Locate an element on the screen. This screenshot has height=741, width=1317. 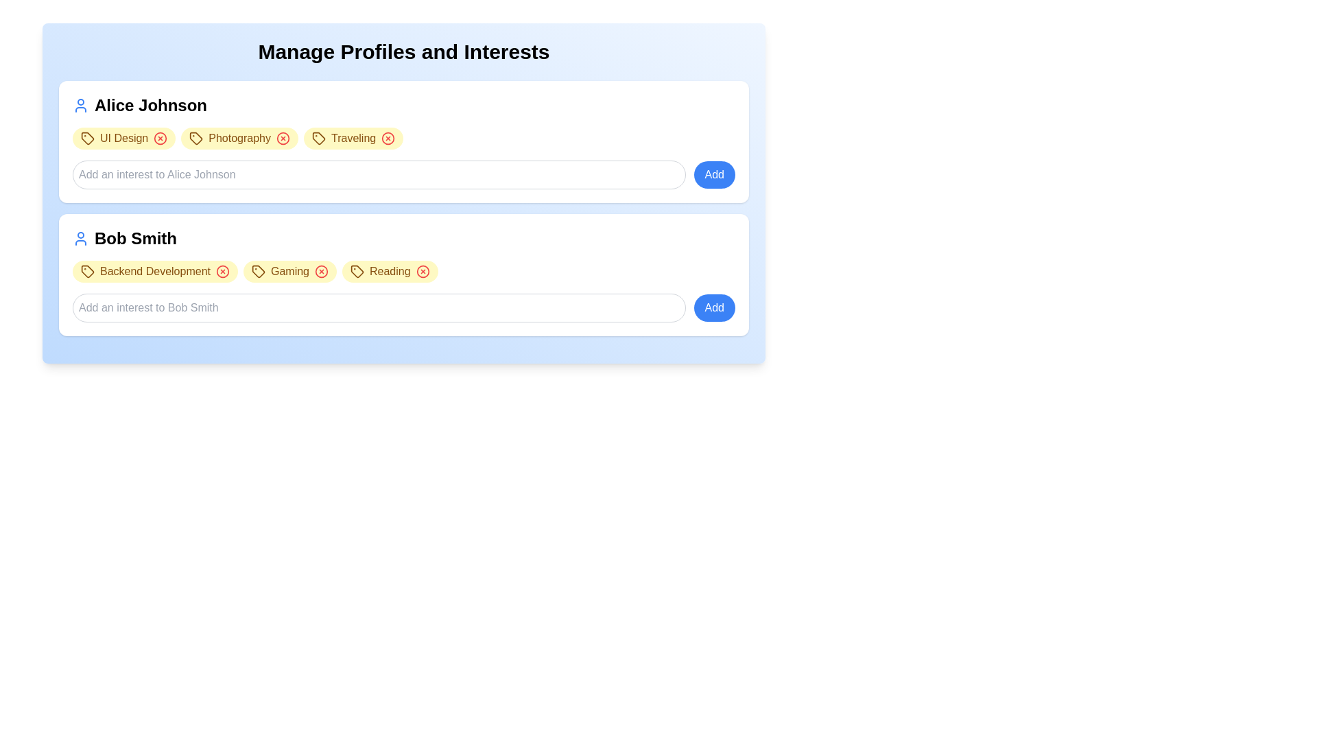
the decorative SVG tag icon located to the left of the text label 'Photography' within the yellow button under 'Alice Johnson' is located at coordinates (195, 138).